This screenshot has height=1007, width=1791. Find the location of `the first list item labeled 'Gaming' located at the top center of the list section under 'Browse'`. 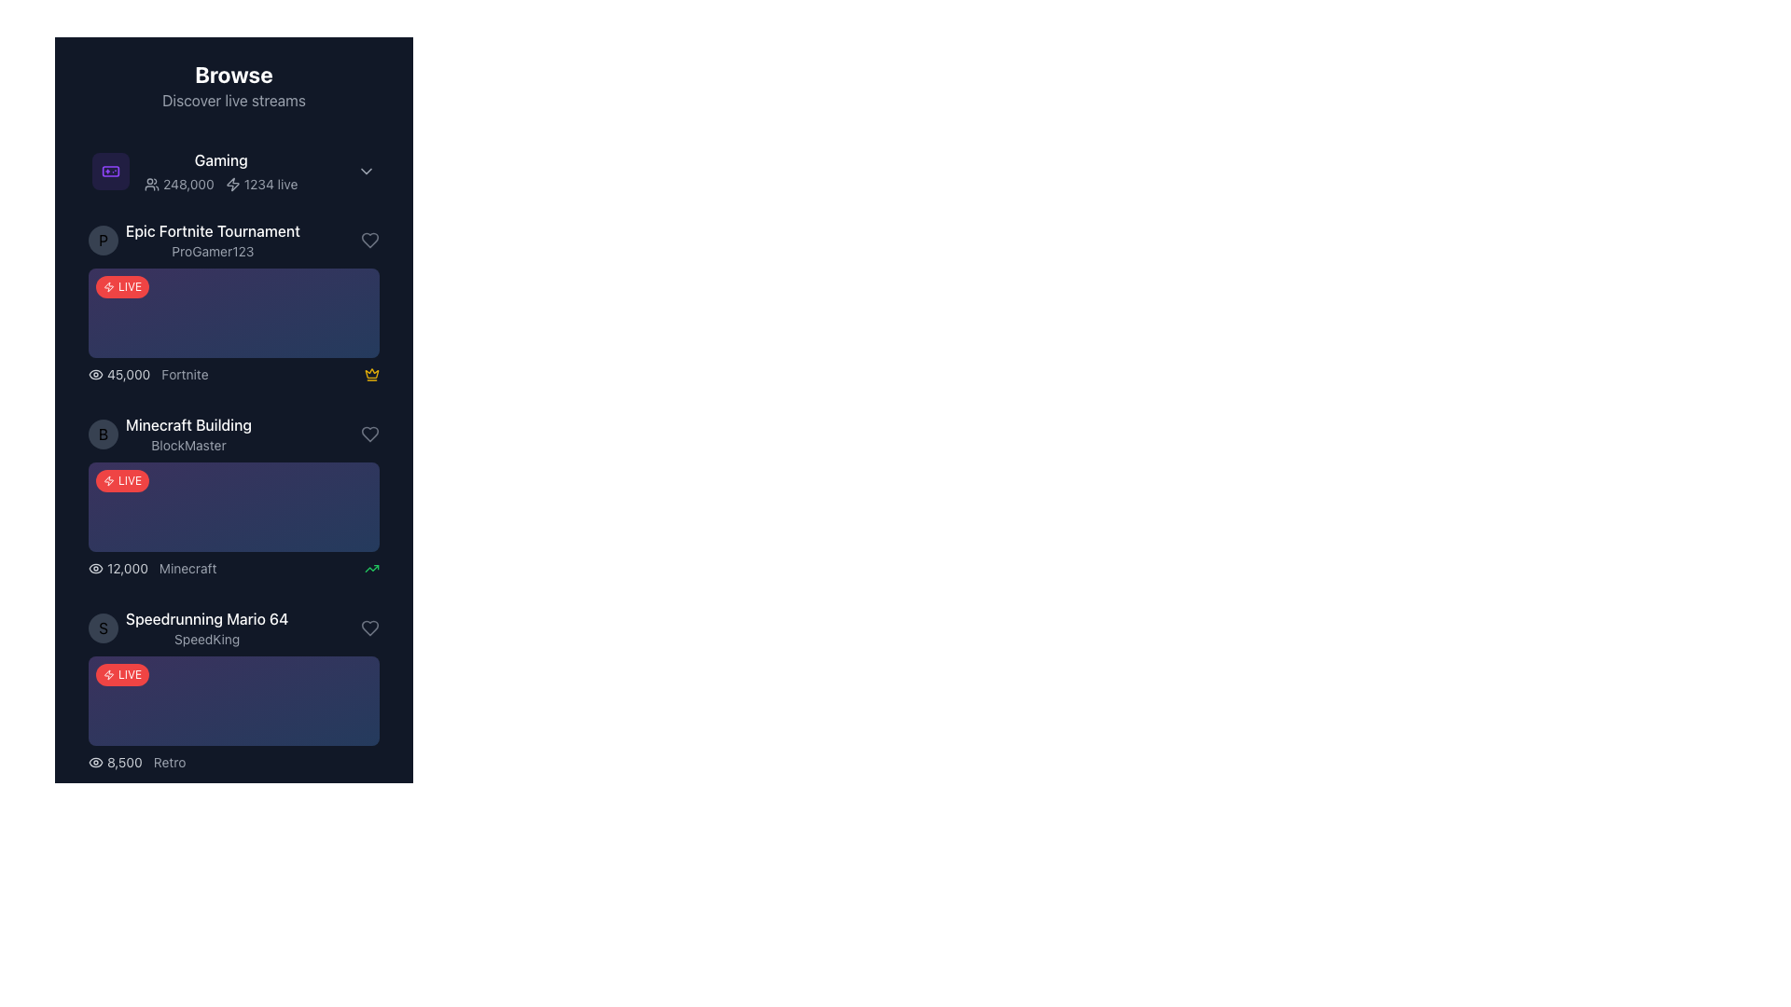

the first list item labeled 'Gaming' located at the top center of the list section under 'Browse' is located at coordinates (224, 172).